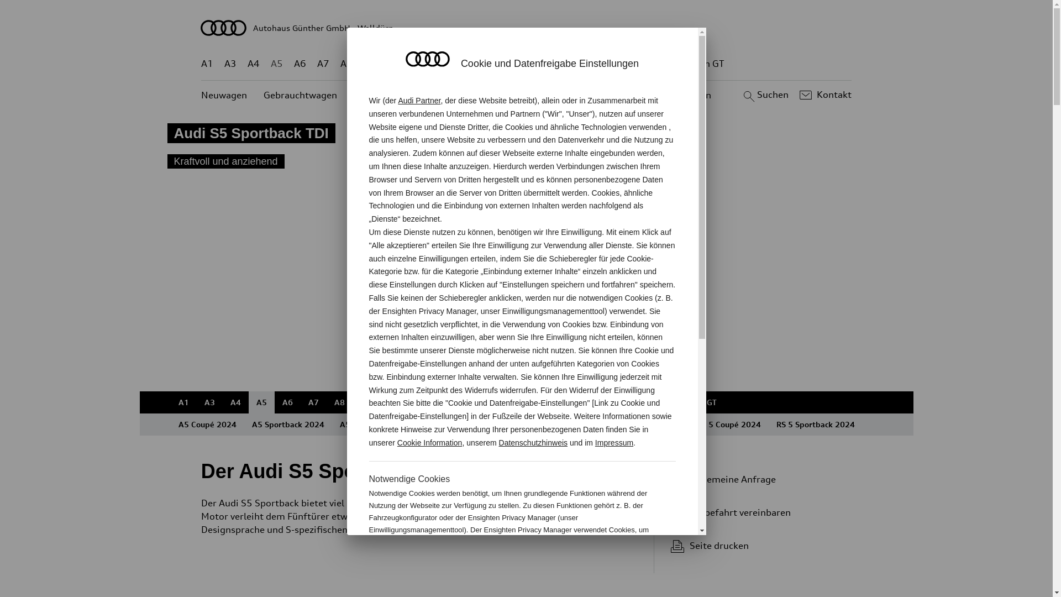 This screenshot has height=597, width=1061. I want to click on 'A4', so click(234, 402).